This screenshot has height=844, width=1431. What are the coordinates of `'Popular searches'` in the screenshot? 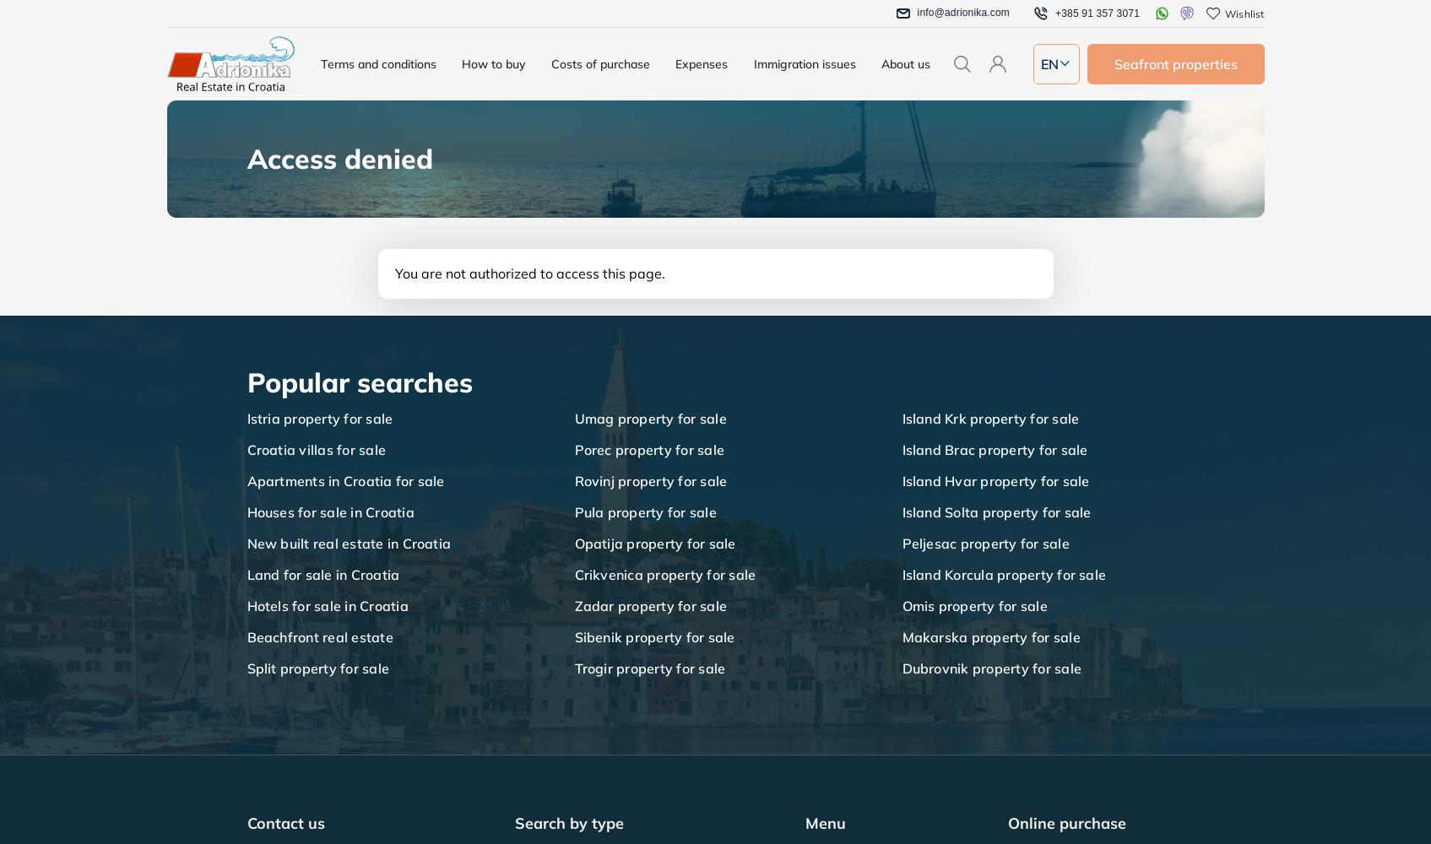 It's located at (359, 381).